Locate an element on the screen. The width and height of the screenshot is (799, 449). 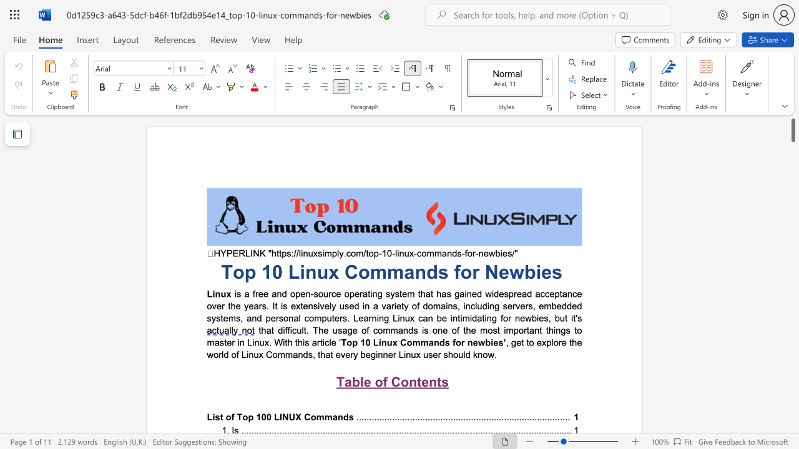
the 2th character "s" in the text is located at coordinates (350, 417).